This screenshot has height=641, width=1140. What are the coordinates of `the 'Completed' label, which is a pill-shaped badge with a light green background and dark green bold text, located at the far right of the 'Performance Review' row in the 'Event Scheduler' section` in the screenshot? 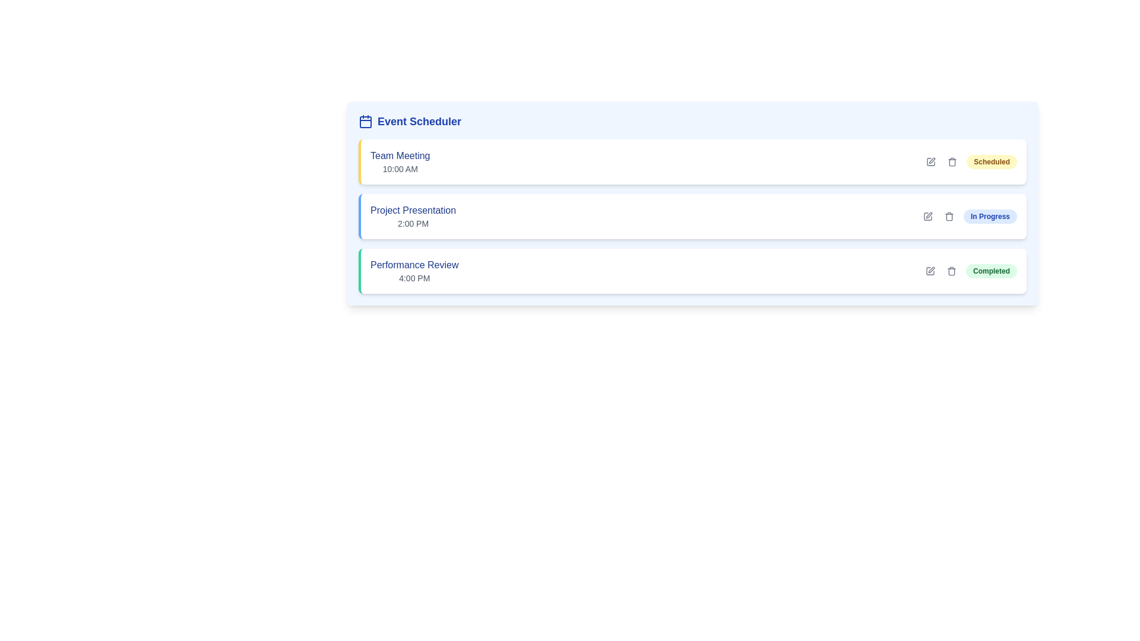 It's located at (992, 271).